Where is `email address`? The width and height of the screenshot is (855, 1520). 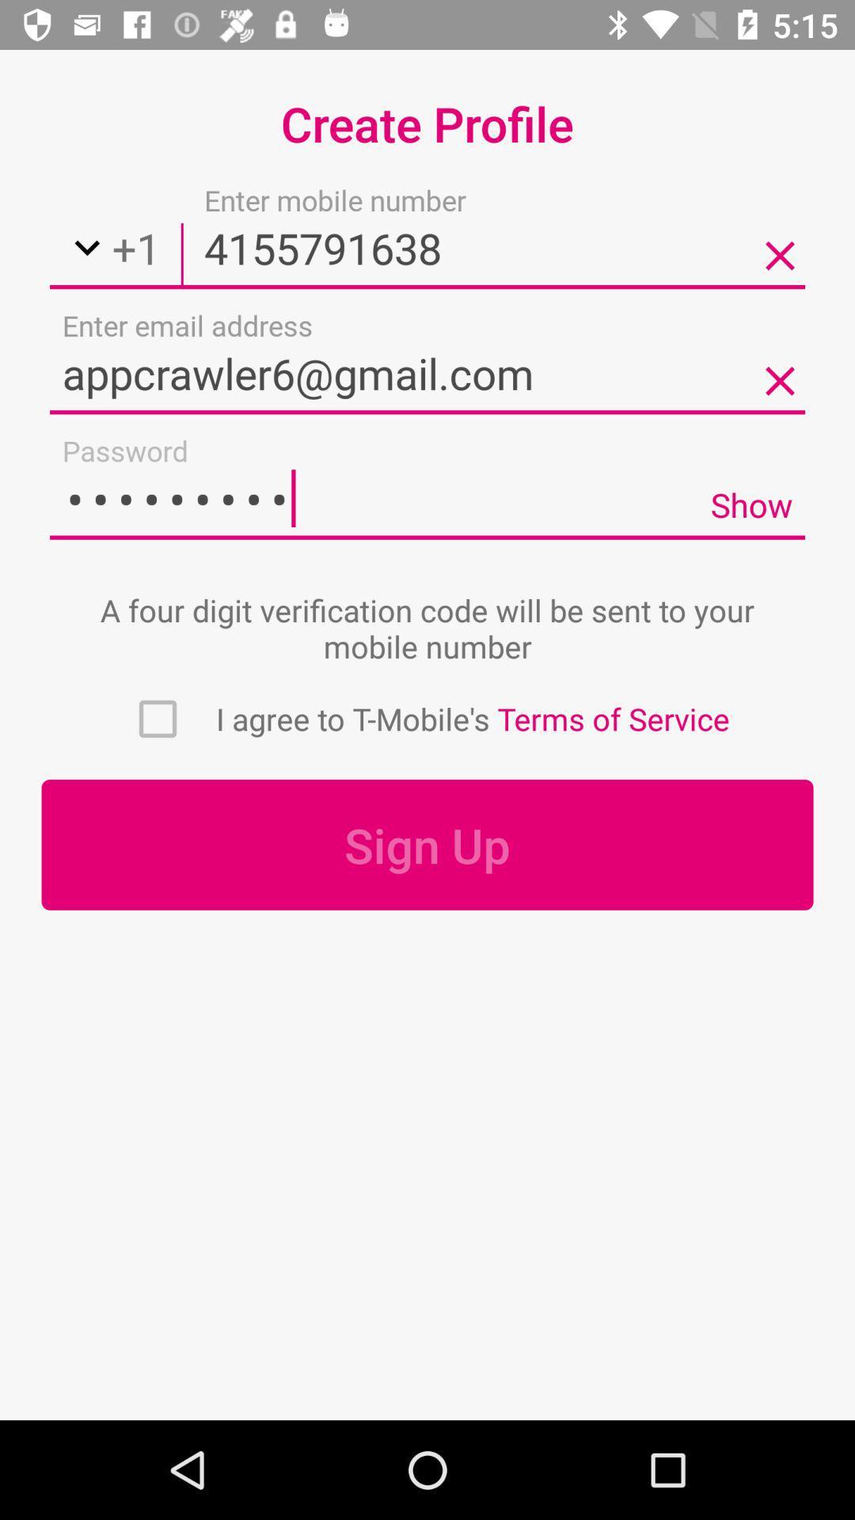 email address is located at coordinates (427, 372).